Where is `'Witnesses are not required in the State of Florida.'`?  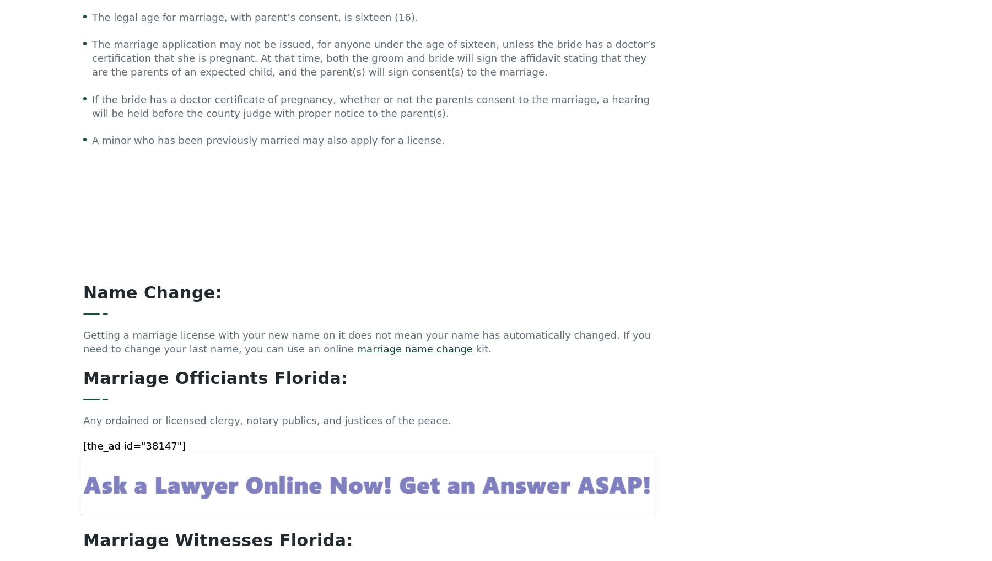
'Witnesses are not required in the State of Florida.' is located at coordinates (83, 368).